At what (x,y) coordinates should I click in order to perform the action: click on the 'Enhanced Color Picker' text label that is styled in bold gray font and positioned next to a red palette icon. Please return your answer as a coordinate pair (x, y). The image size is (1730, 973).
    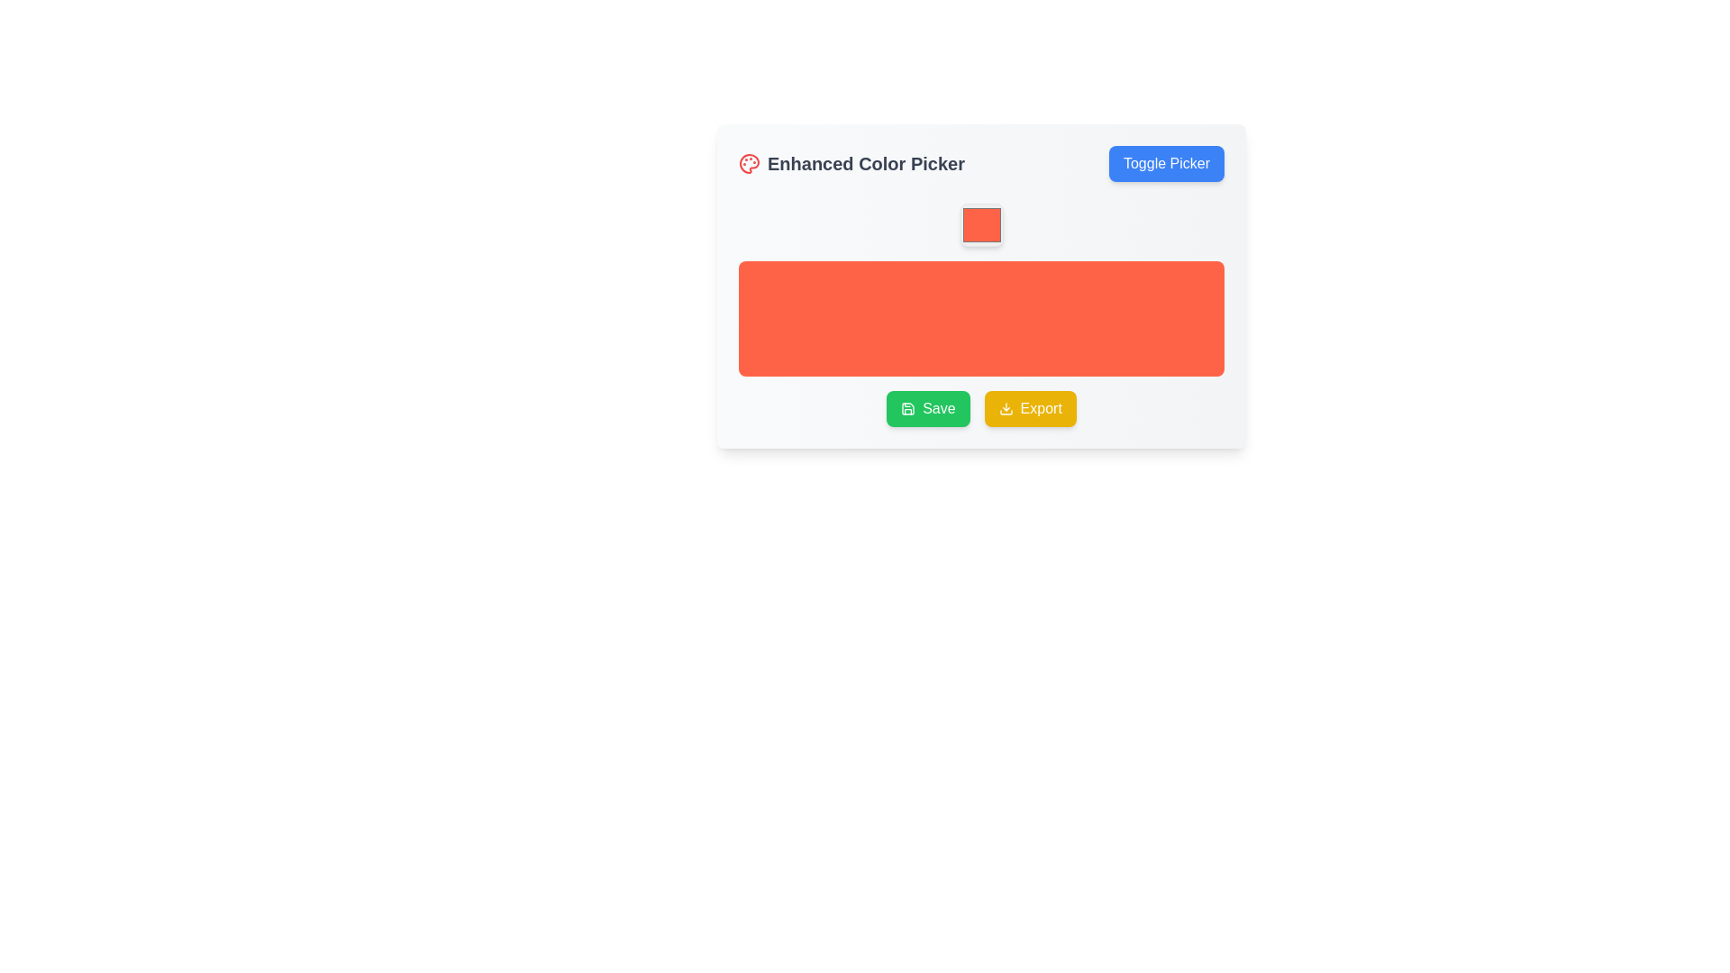
    Looking at the image, I should click on (851, 163).